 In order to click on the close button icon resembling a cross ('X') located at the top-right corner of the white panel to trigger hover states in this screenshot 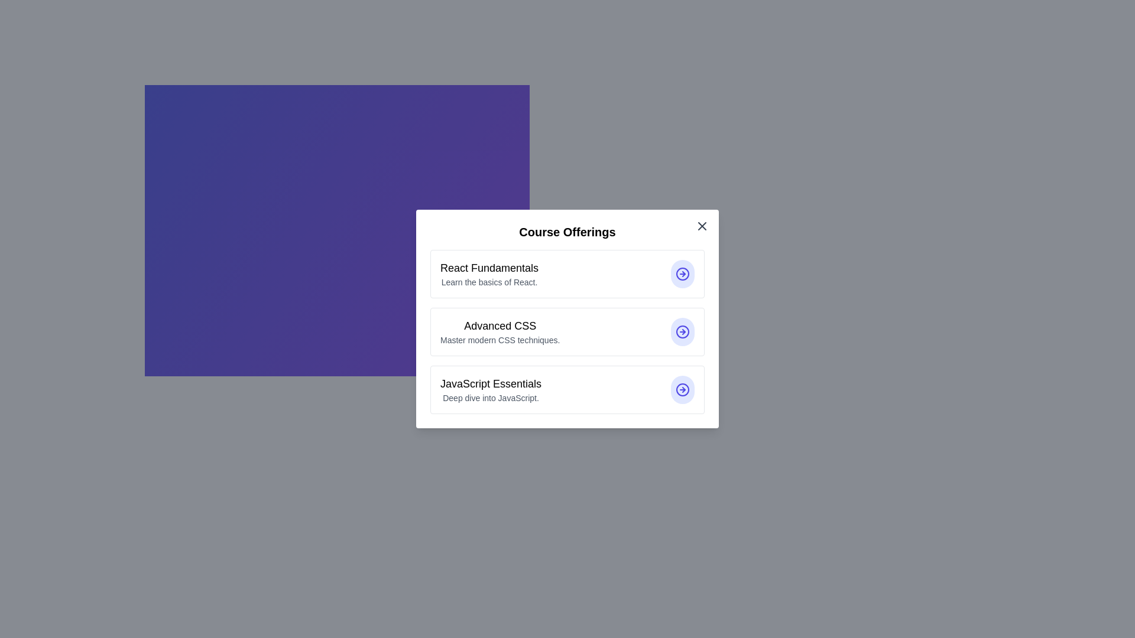, I will do `click(702, 226)`.